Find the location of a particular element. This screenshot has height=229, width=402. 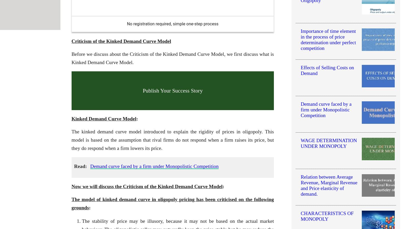

'Criticism of the Kinked Demand Curve Model' is located at coordinates (121, 41).